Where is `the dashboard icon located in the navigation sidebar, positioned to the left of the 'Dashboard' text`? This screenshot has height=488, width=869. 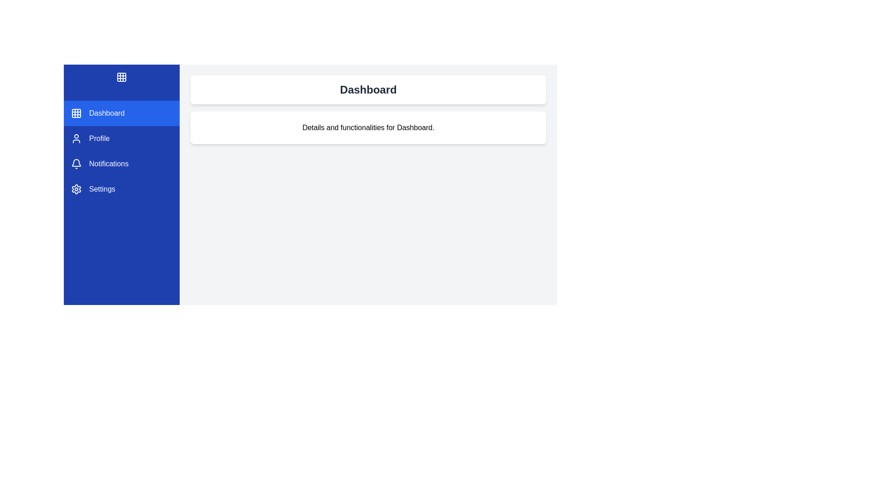
the dashboard icon located in the navigation sidebar, positioned to the left of the 'Dashboard' text is located at coordinates (76, 113).